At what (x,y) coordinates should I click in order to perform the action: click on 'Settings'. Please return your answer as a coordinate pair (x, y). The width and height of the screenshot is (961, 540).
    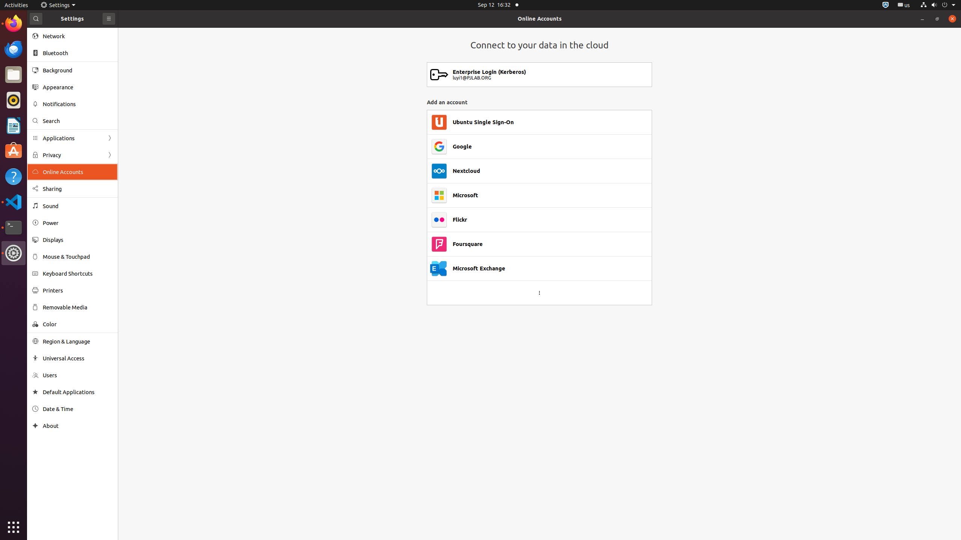
    Looking at the image, I should click on (58, 4).